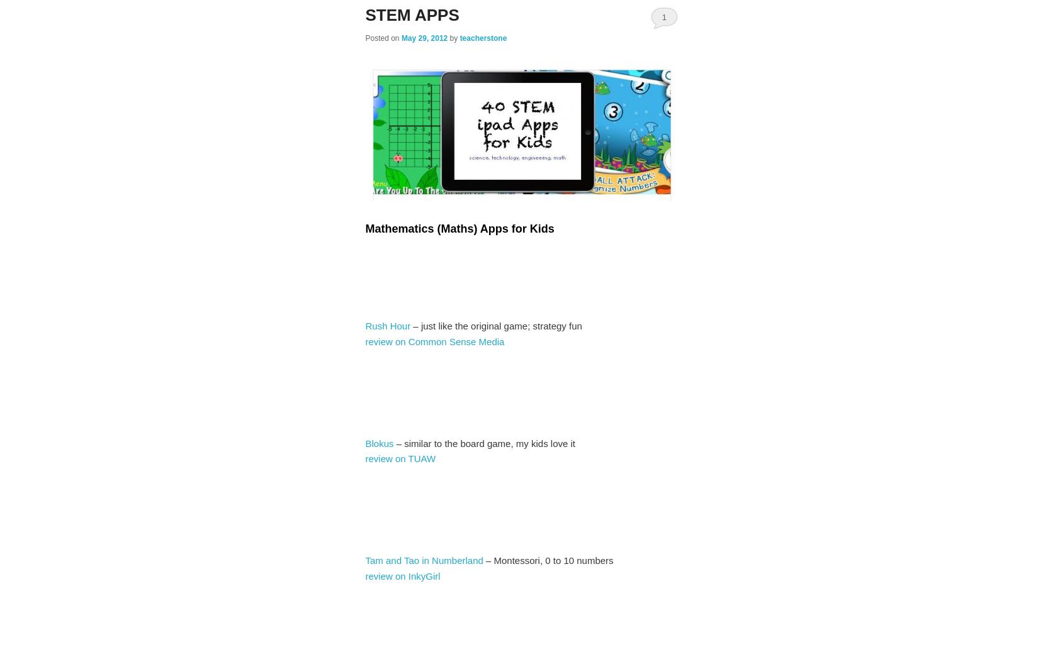 This screenshot has width=1043, height=657. I want to click on 'Posted on', so click(383, 38).